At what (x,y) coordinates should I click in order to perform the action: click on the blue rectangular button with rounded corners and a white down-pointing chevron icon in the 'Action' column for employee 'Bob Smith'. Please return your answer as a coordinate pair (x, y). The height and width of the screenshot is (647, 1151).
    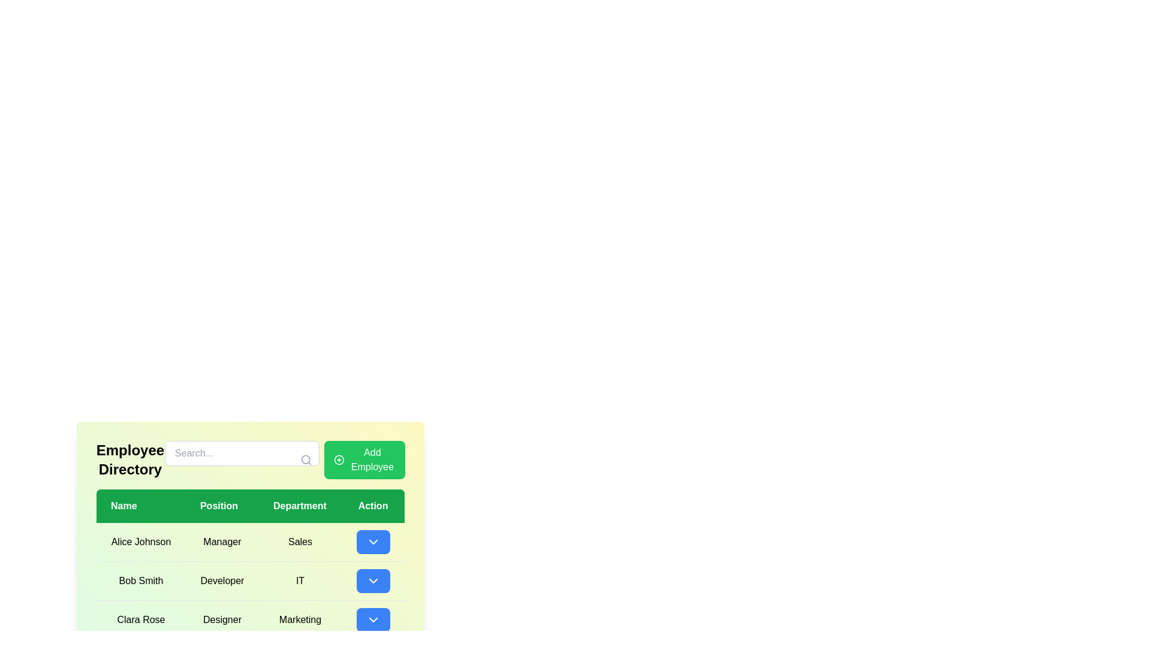
    Looking at the image, I should click on (372, 580).